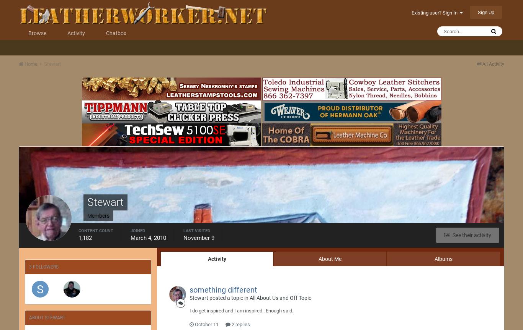  Describe the element at coordinates (148, 238) in the screenshot. I see `'March 4, 2010'` at that location.